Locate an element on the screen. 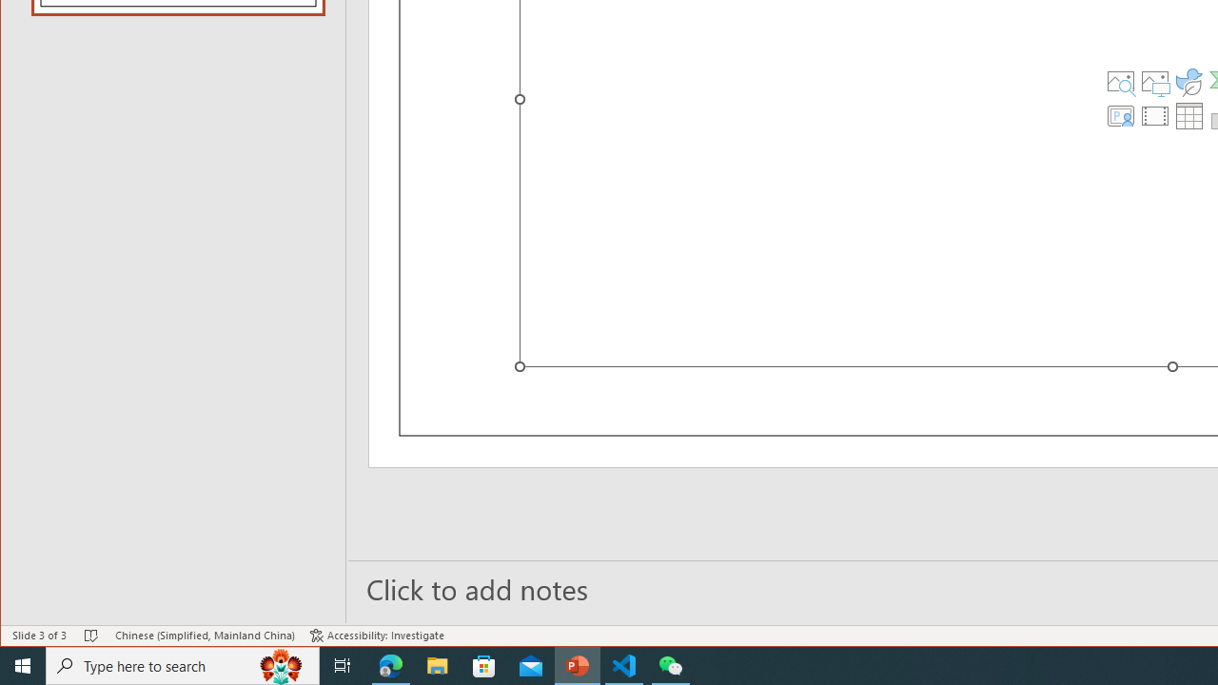 Image resolution: width=1218 pixels, height=685 pixels. 'WeChat - 1 running window' is located at coordinates (671, 664).